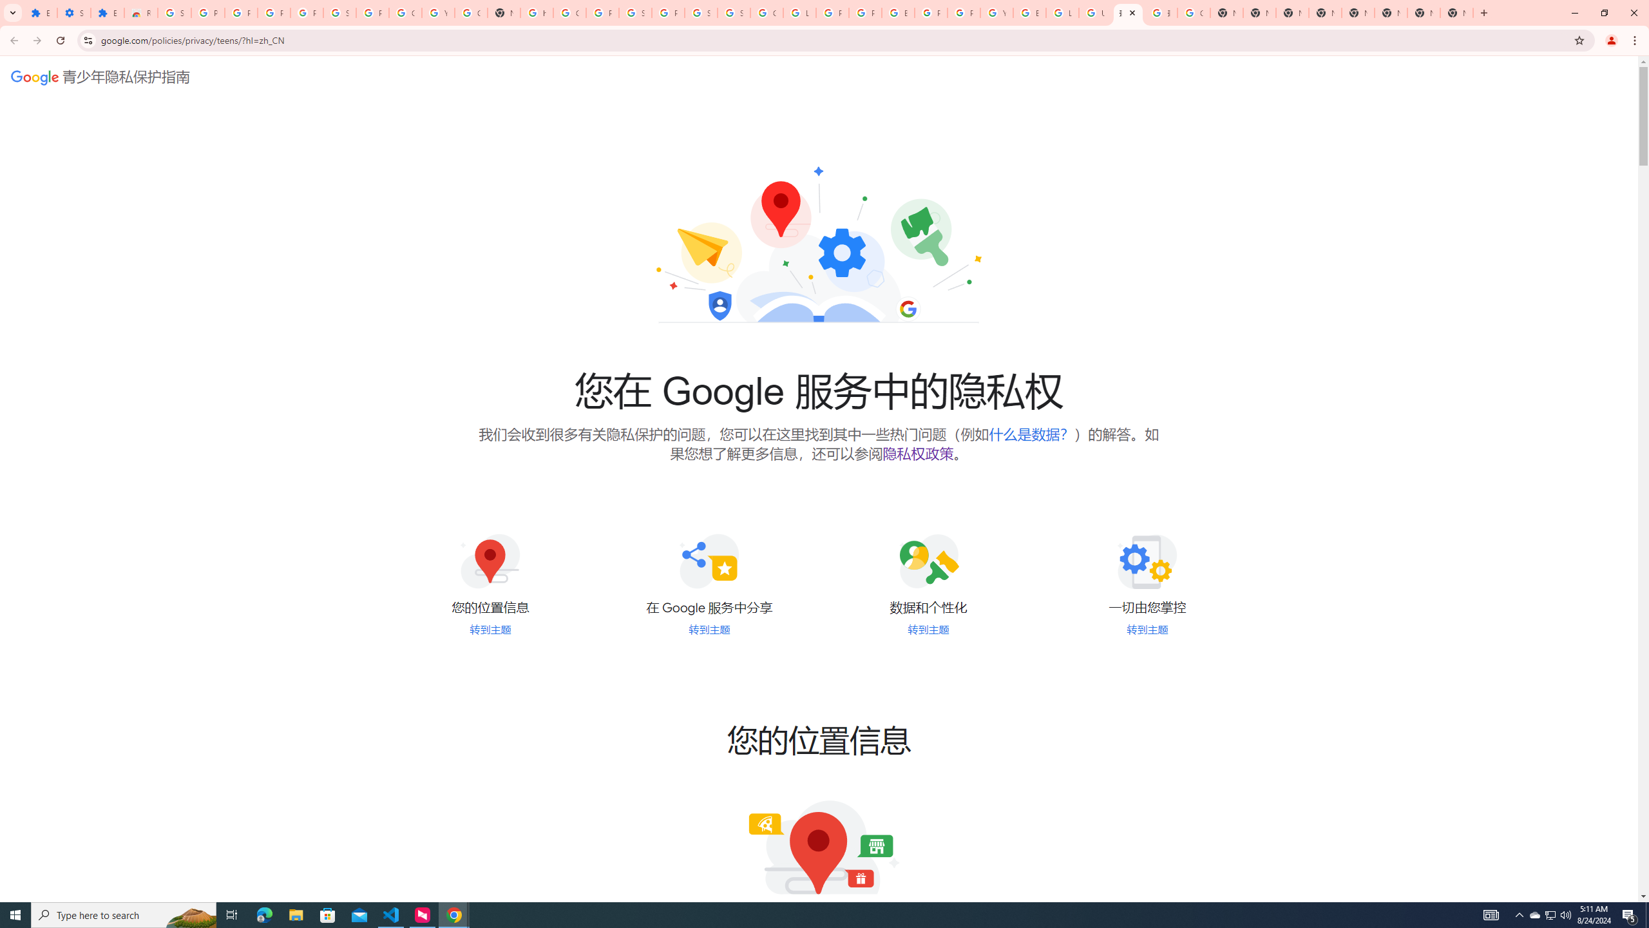 The width and height of the screenshot is (1649, 928). What do you see at coordinates (1456, 12) in the screenshot?
I see `'New Tab'` at bounding box center [1456, 12].